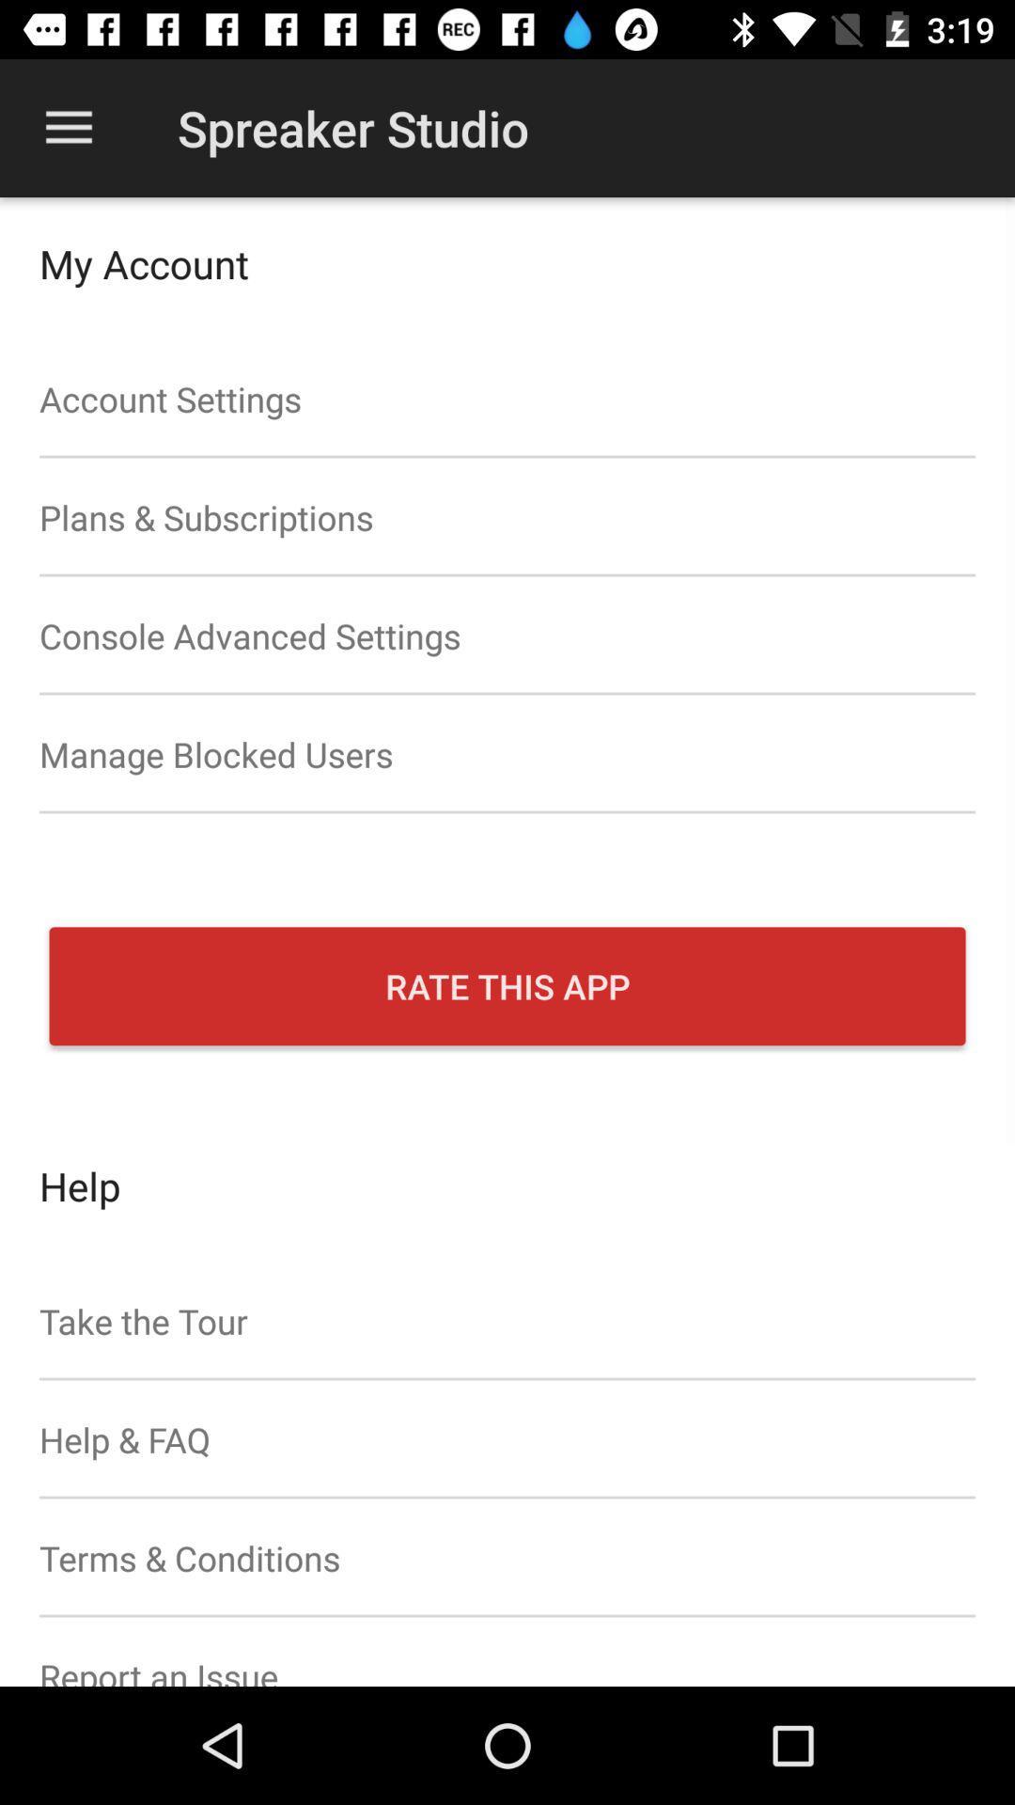 The height and width of the screenshot is (1805, 1015). Describe the element at coordinates (68, 127) in the screenshot. I see `app next to spreaker studio` at that location.